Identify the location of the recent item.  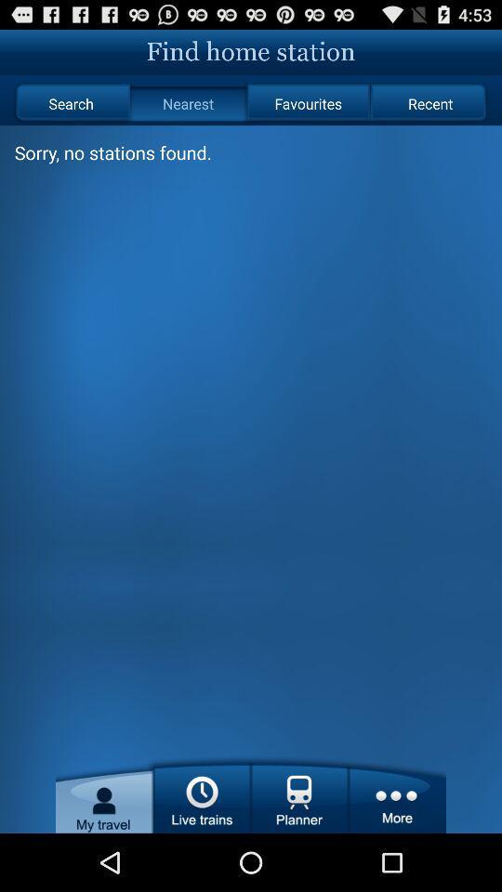
(430, 103).